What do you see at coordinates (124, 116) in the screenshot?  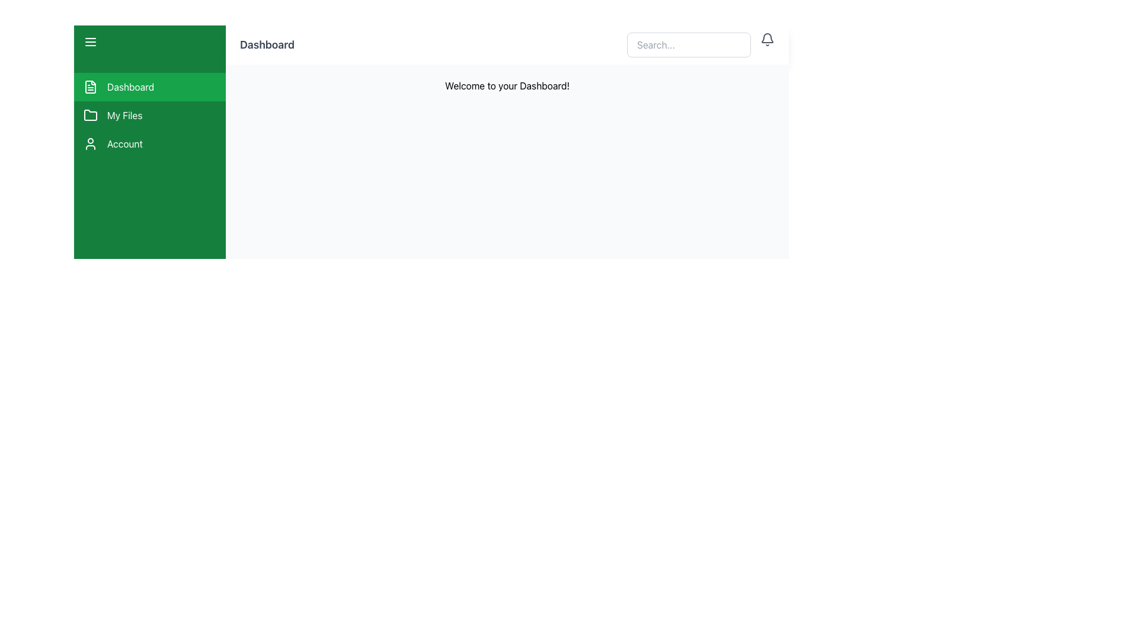 I see `text label that displays 'My Files' in white on a green background, located in the vertical menu between 'Dashboard' and 'Account'` at bounding box center [124, 116].